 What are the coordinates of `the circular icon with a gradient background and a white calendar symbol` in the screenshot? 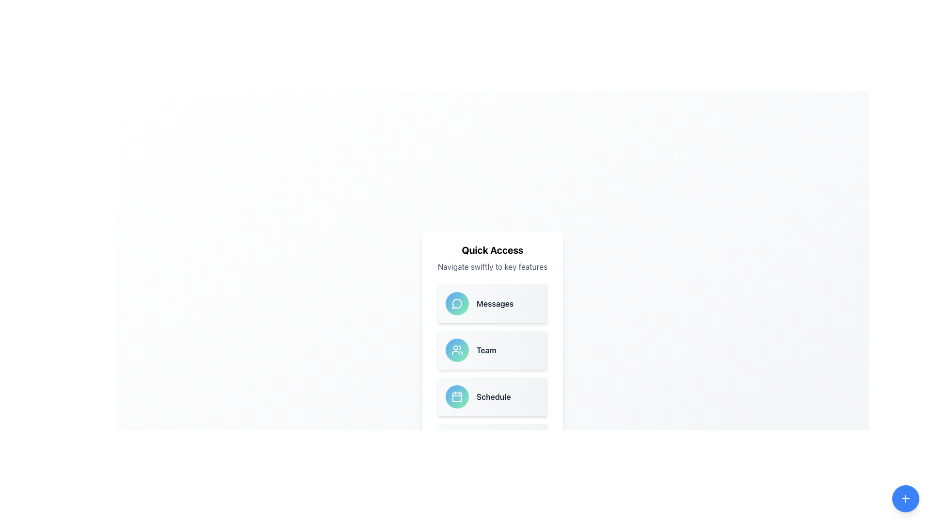 It's located at (456, 396).